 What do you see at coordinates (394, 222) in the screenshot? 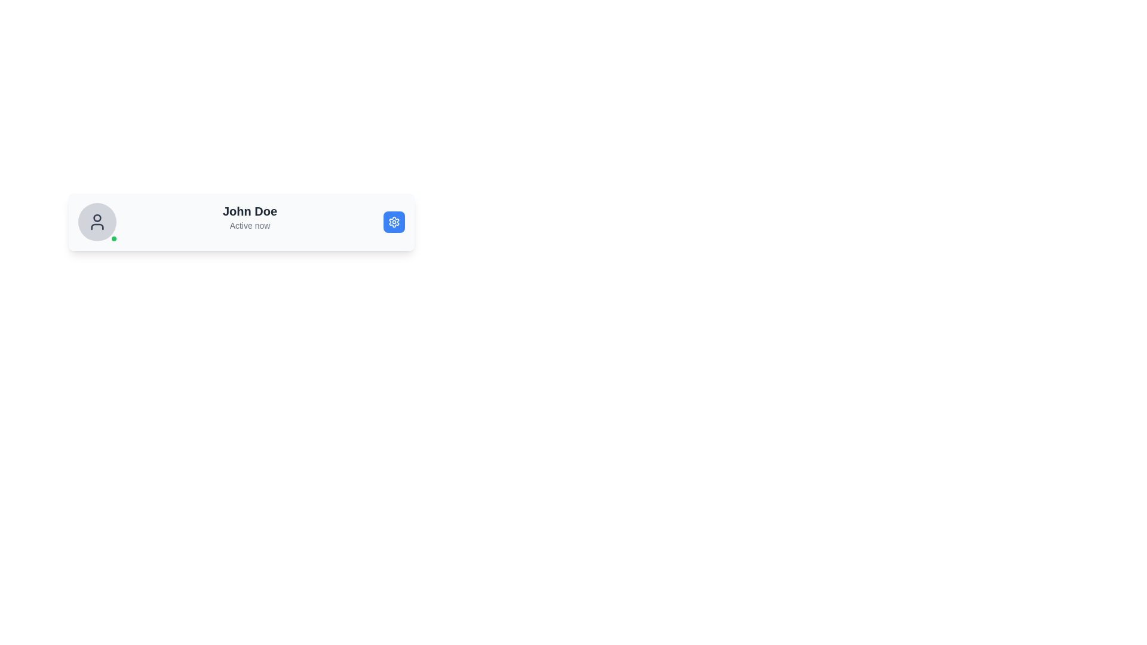
I see `the button located at the far right end of the component, which opens the settings menu or configuration panel` at bounding box center [394, 222].